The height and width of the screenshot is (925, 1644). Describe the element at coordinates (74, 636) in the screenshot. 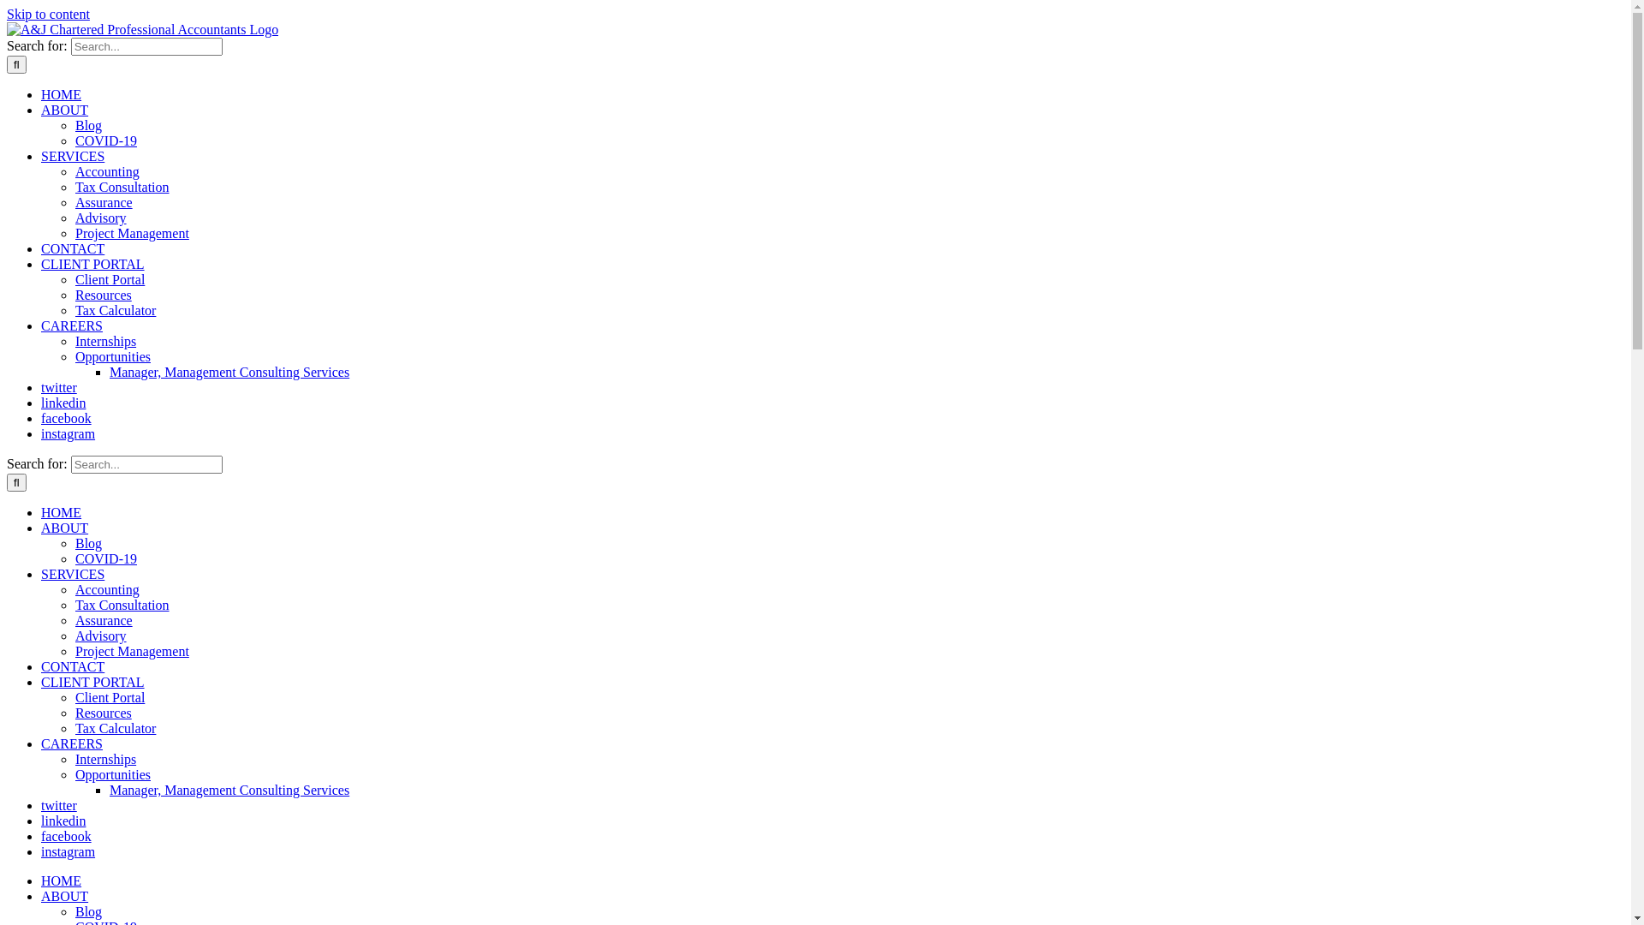

I see `'Advisory'` at that location.